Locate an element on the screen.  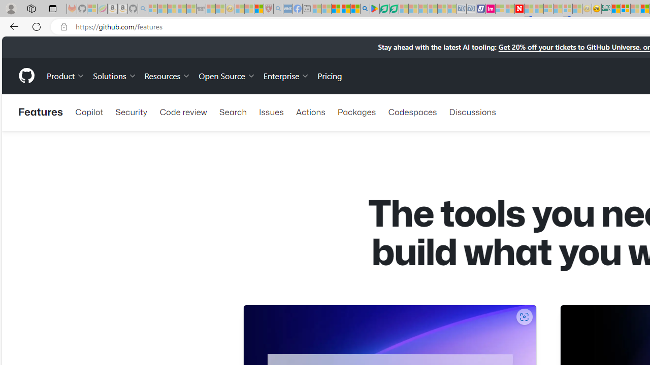
'Product' is located at coordinates (66, 75).